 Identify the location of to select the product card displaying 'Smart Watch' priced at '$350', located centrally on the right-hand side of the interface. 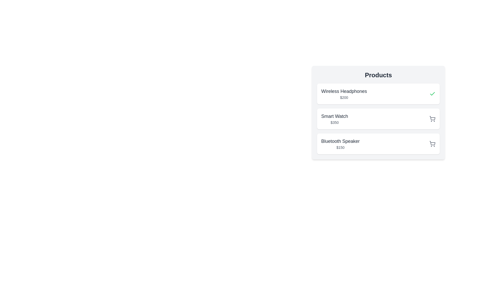
(378, 119).